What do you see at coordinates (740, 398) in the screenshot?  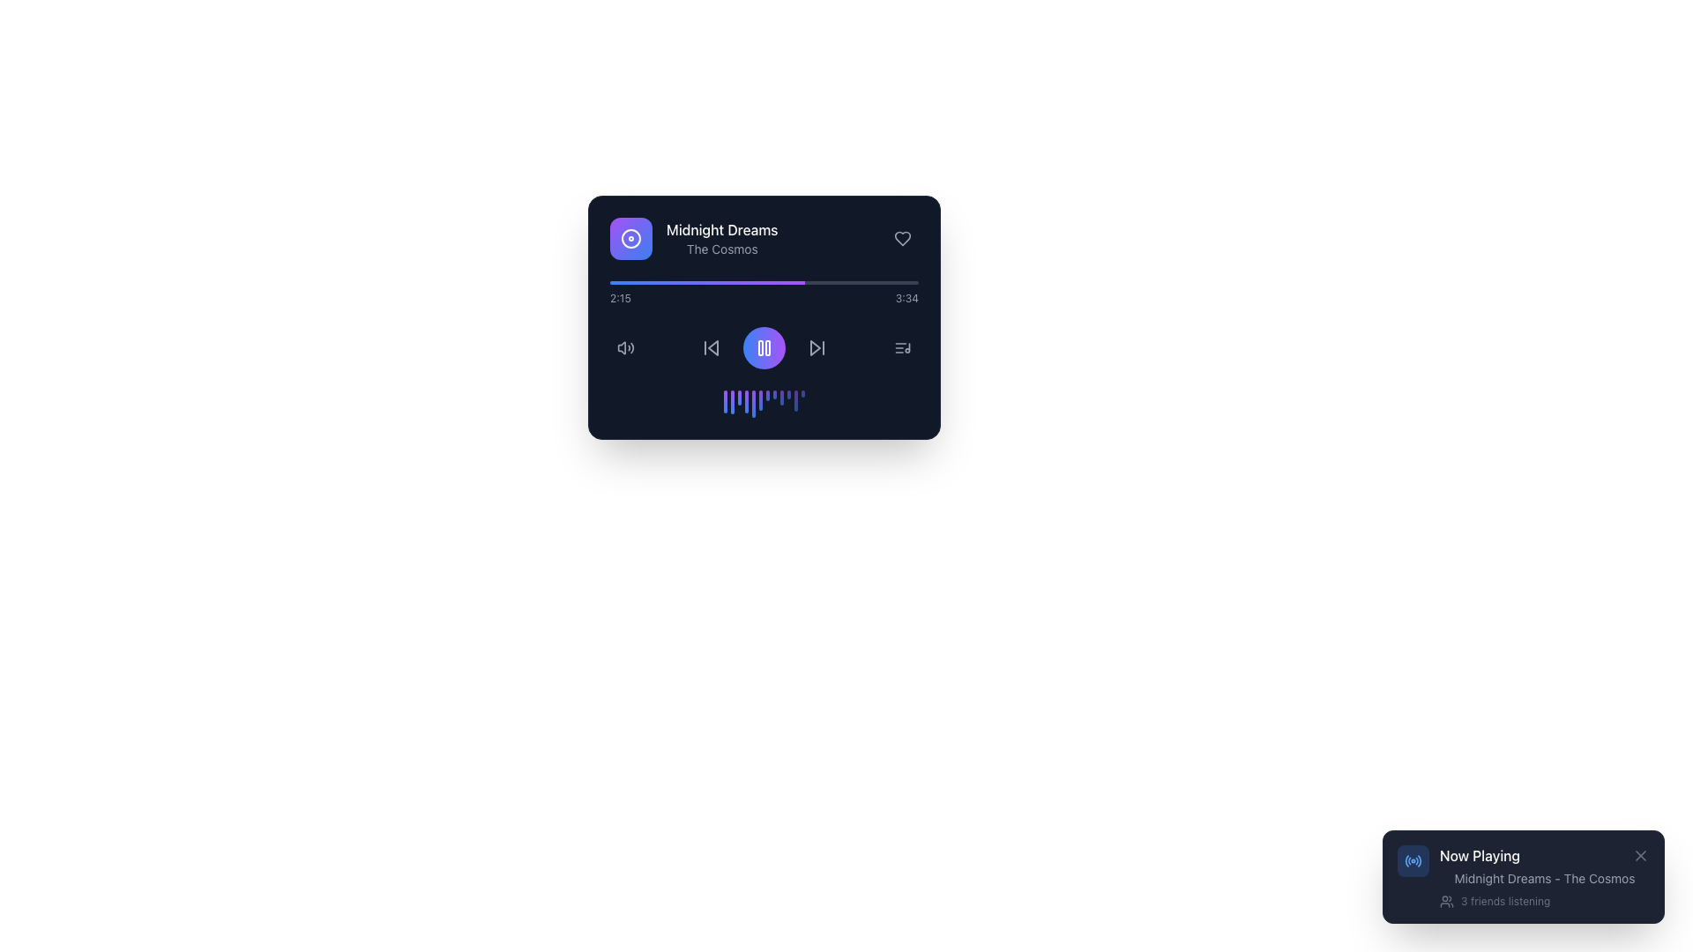 I see `the animation of the Dynamic visual bar, which is the third bar from the left in the audio player interface, showcasing a gradient color from blue to purple and a pulsing effect` at bounding box center [740, 398].